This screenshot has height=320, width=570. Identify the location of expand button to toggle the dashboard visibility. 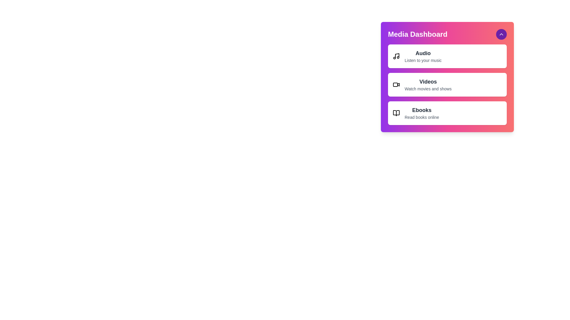
(501, 34).